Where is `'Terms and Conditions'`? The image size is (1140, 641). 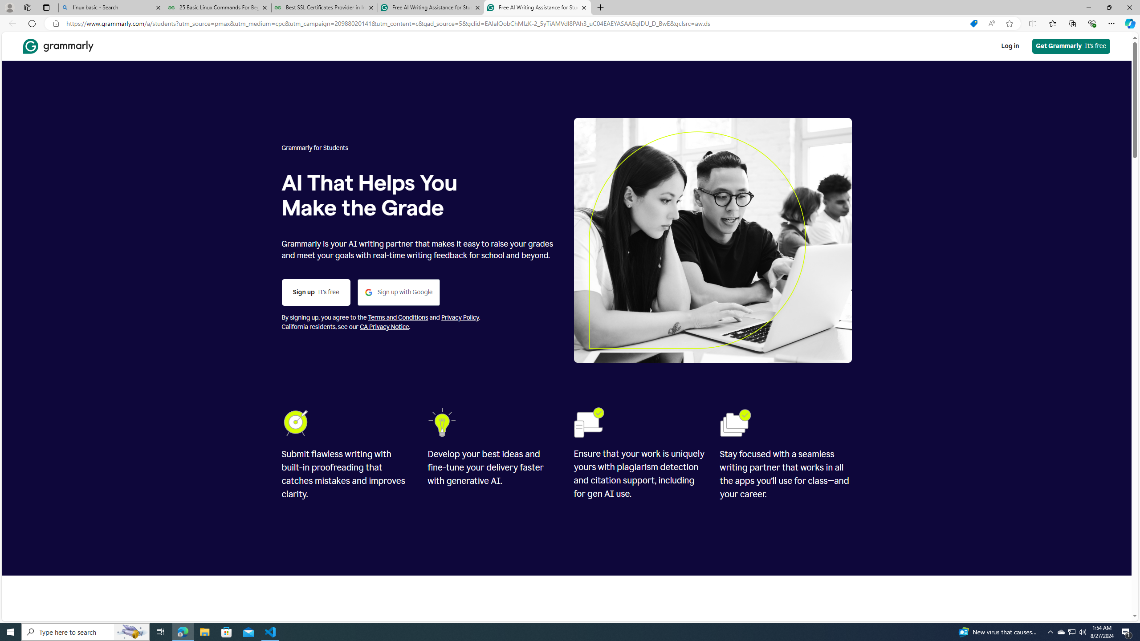
'Terms and Conditions' is located at coordinates (398, 317).